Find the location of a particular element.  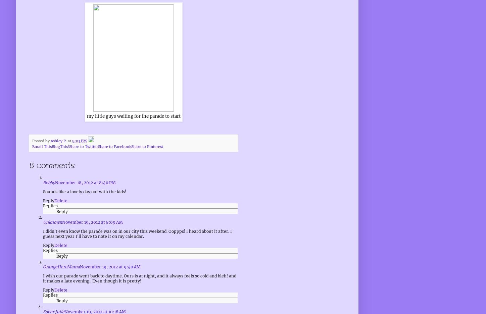

'Ashley P.' is located at coordinates (50, 140).